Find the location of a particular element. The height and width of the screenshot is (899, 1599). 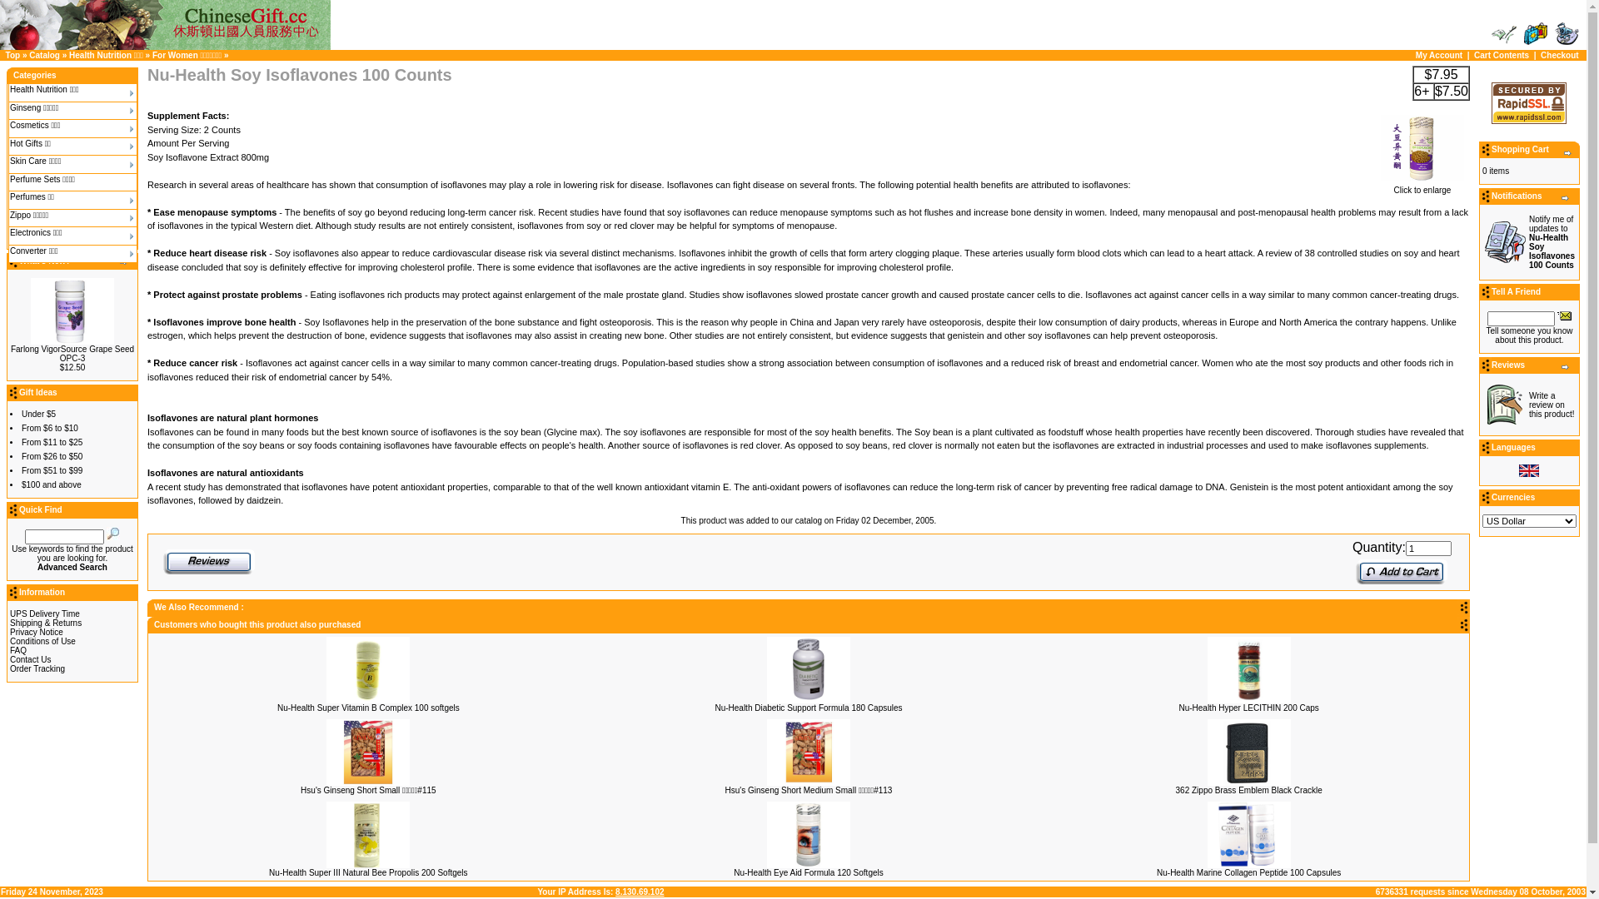

' Farlong VigorSource Grape Seed OPC-3 ' is located at coordinates (71, 311).